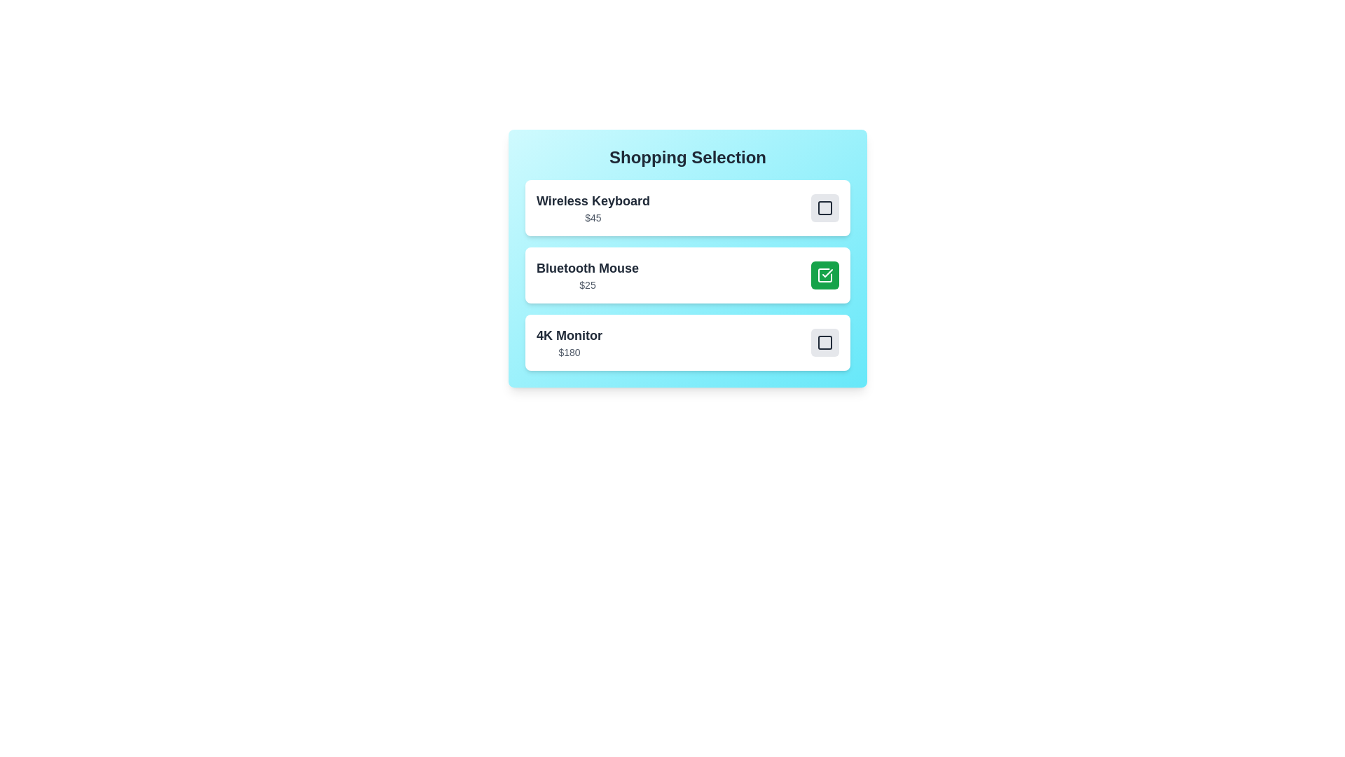 Image resolution: width=1345 pixels, height=757 pixels. I want to click on the selection indicator icon located to the right of the 'Bluetooth Mouse' label to deselect the option, so click(825, 275).